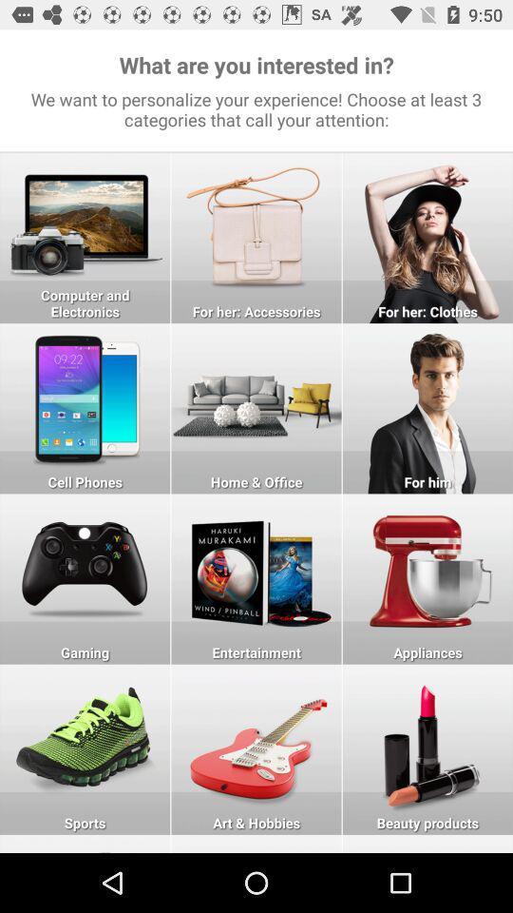 This screenshot has height=913, width=513. What do you see at coordinates (84, 578) in the screenshot?
I see `chose in applings` at bounding box center [84, 578].